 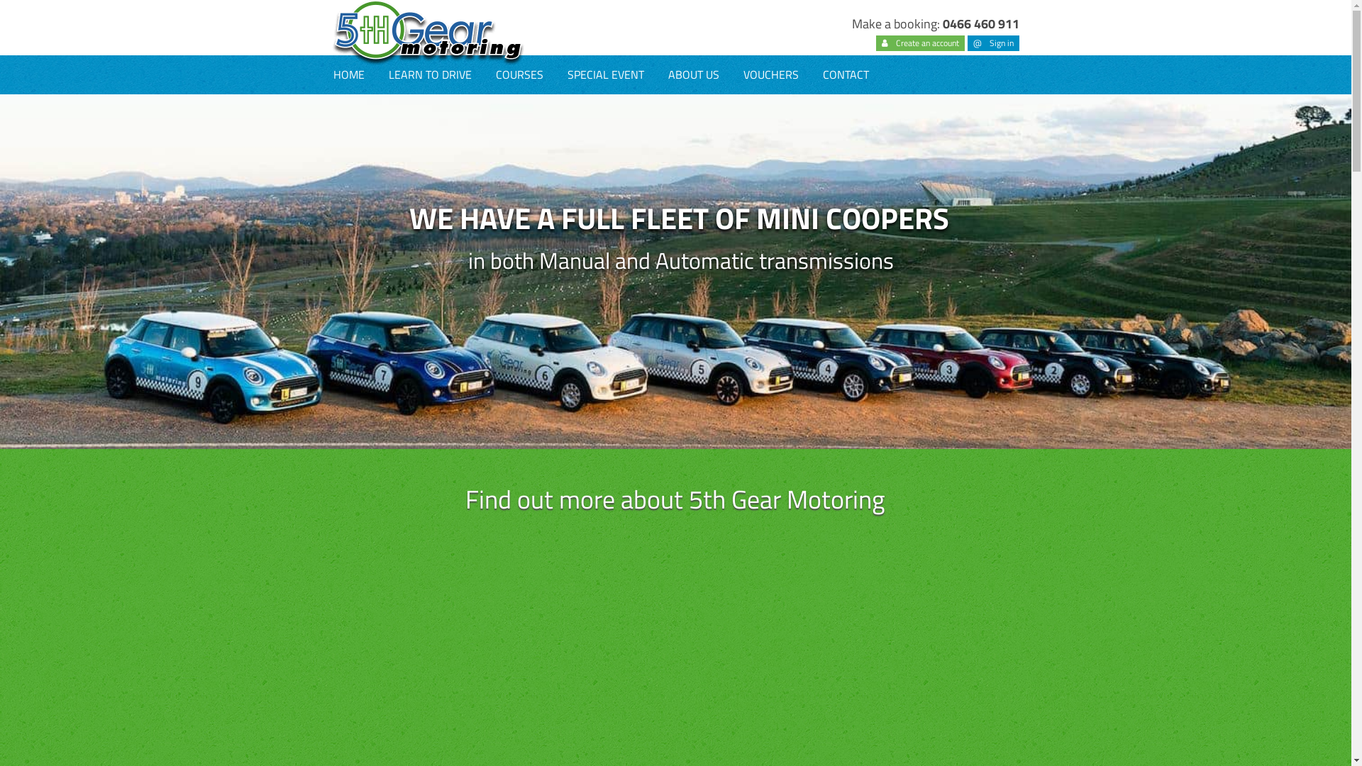 I want to click on 'HOME', so click(x=348, y=74).